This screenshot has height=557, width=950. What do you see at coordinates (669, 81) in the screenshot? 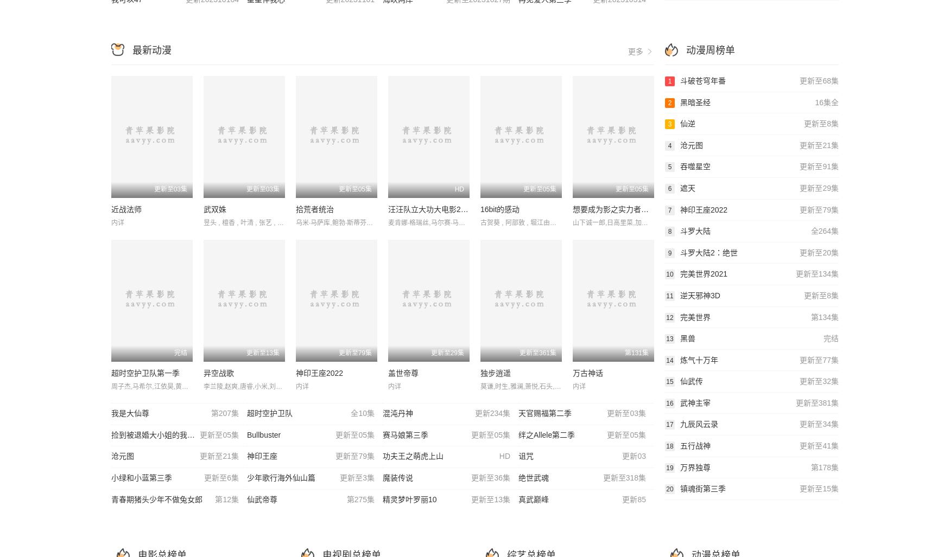
I see `'1'` at bounding box center [669, 81].